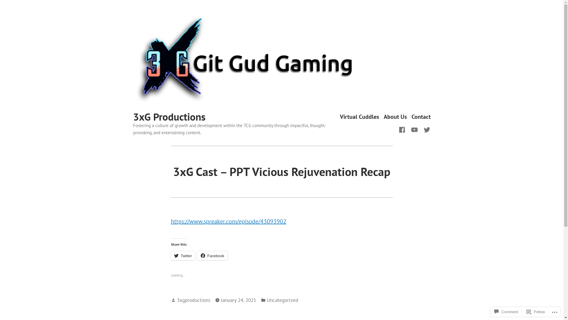 This screenshot has width=568, height=320. What do you see at coordinates (193, 300) in the screenshot?
I see `'3xgproductions'` at bounding box center [193, 300].